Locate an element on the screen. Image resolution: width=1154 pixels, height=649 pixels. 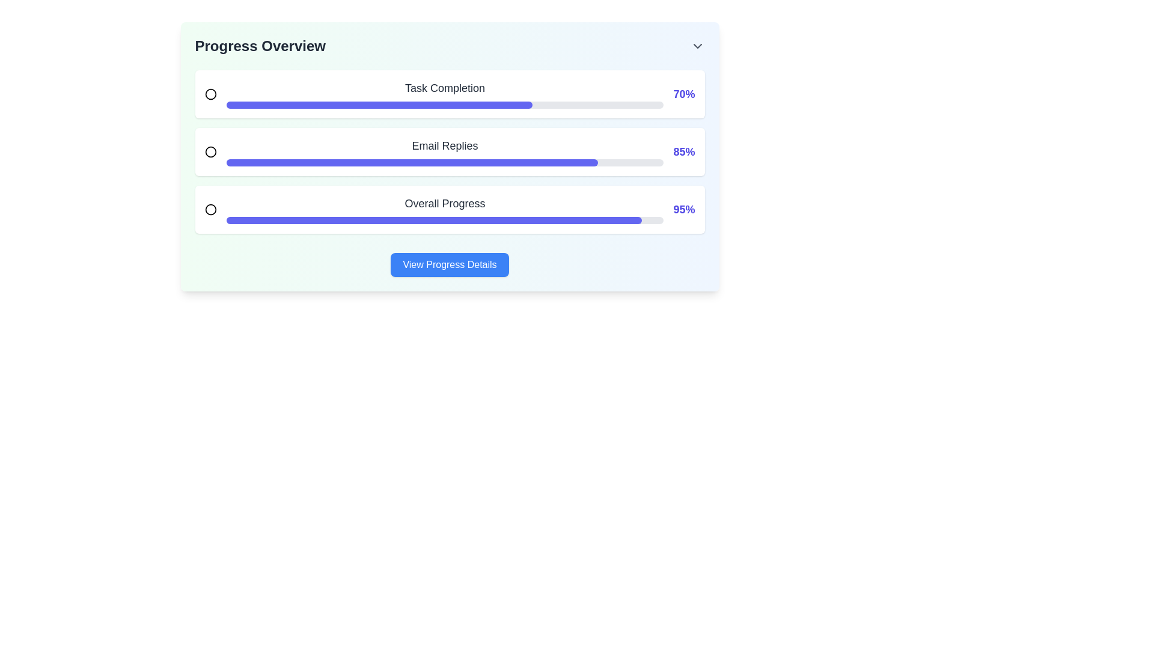
the SVG Circle located near the left side of the 'Overall Progress' progress bar, close to its textual label is located at coordinates (210, 209).